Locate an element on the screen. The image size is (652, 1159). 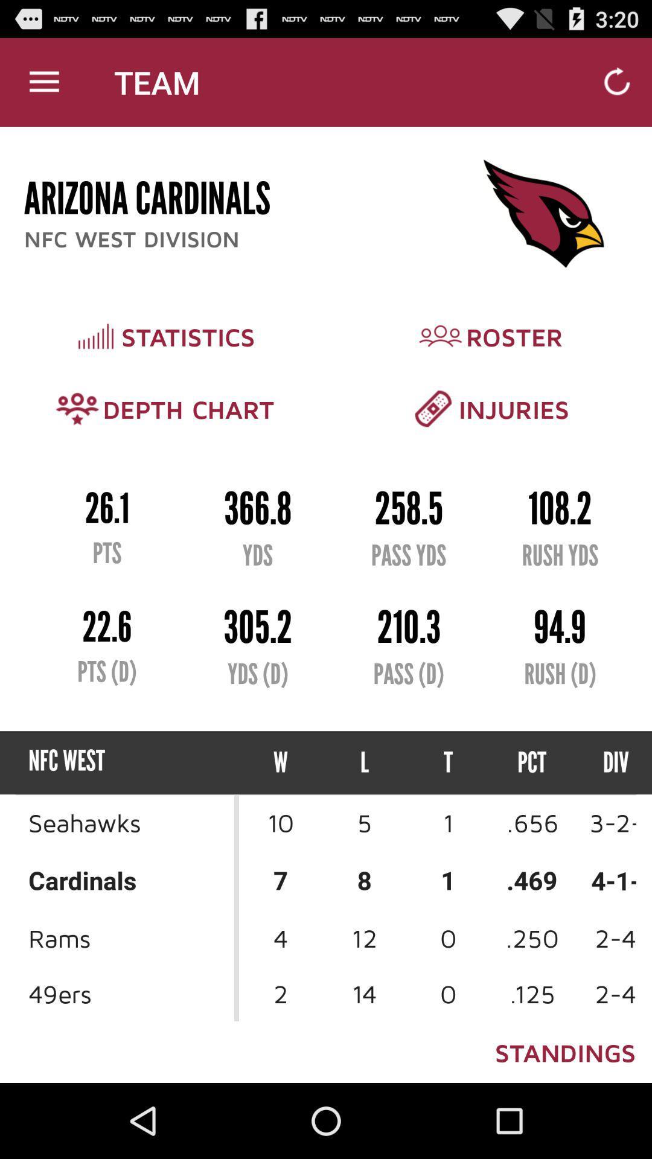
the pct icon is located at coordinates (531, 762).